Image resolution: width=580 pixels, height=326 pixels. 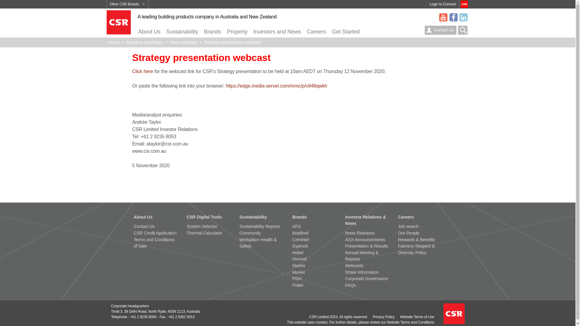 I want to click on 'Webcasts', so click(x=354, y=265).